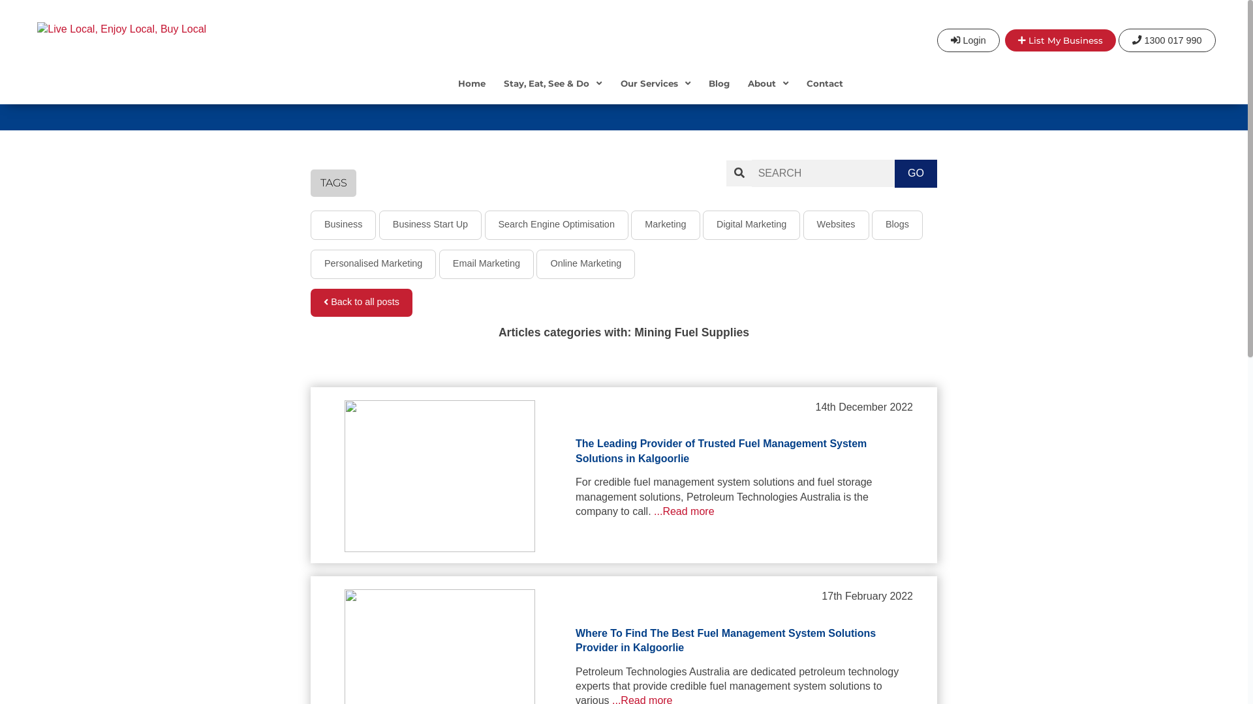 The image size is (1253, 704). What do you see at coordinates (665, 224) in the screenshot?
I see `'Marketing'` at bounding box center [665, 224].